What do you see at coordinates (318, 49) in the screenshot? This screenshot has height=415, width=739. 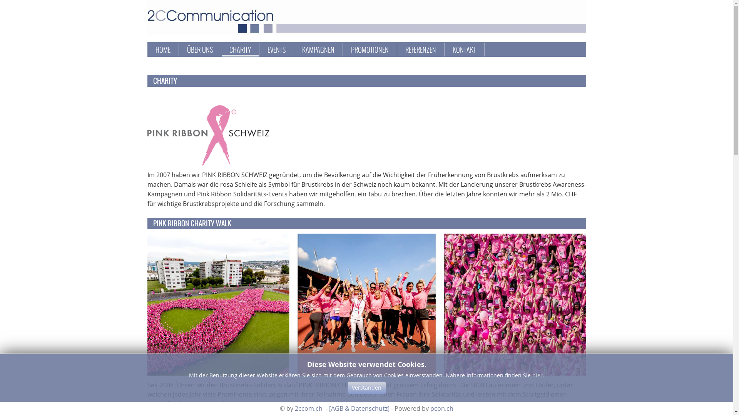 I see `'KAMPAGNEN'` at bounding box center [318, 49].